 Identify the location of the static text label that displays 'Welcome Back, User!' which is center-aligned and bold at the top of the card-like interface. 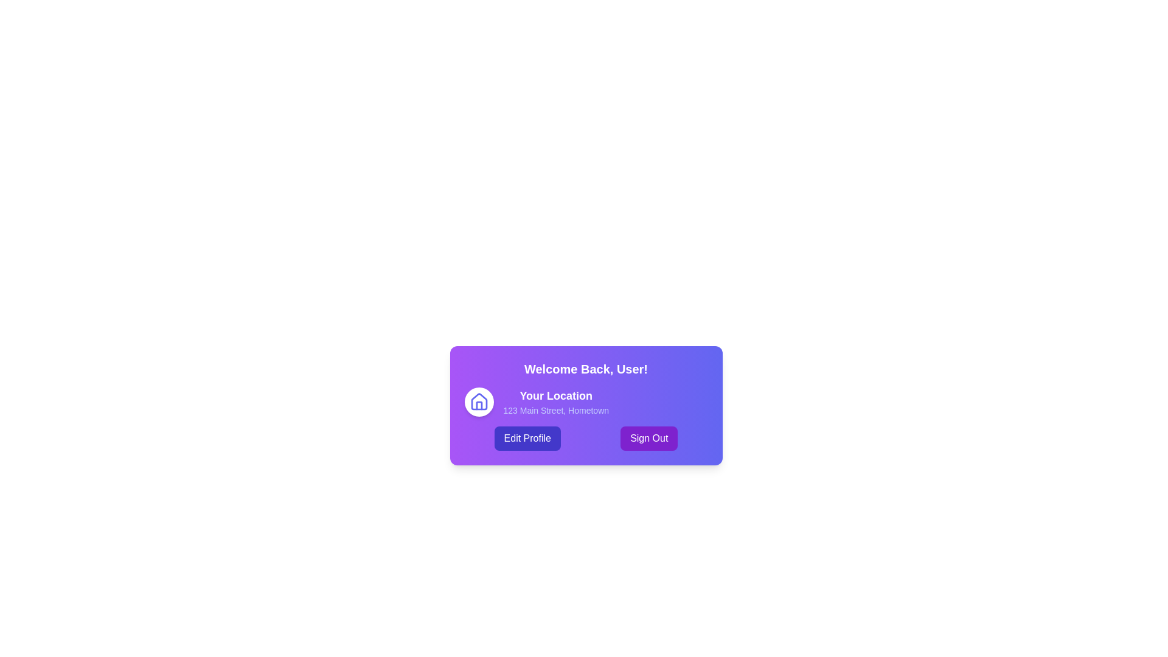
(586, 368).